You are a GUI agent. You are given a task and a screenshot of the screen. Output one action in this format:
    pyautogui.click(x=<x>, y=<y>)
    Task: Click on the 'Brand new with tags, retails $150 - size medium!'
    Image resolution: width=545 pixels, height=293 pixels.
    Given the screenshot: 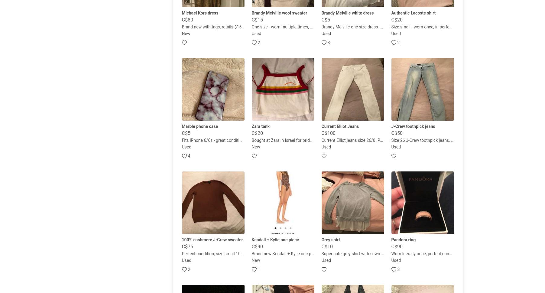 What is the action you would take?
    pyautogui.click(x=181, y=26)
    